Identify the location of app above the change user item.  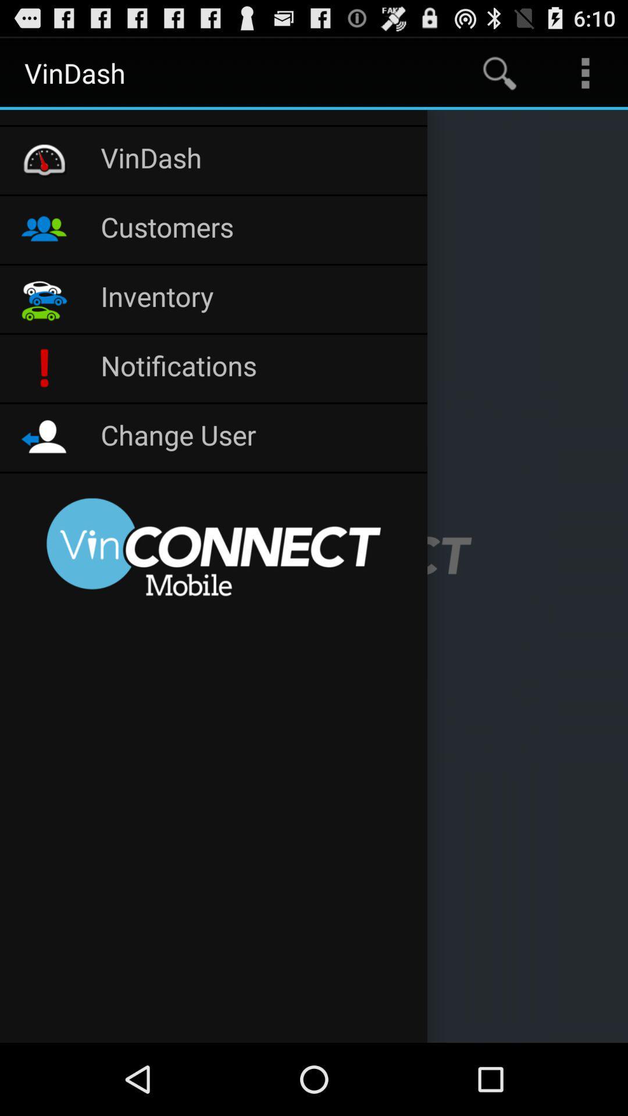
(257, 367).